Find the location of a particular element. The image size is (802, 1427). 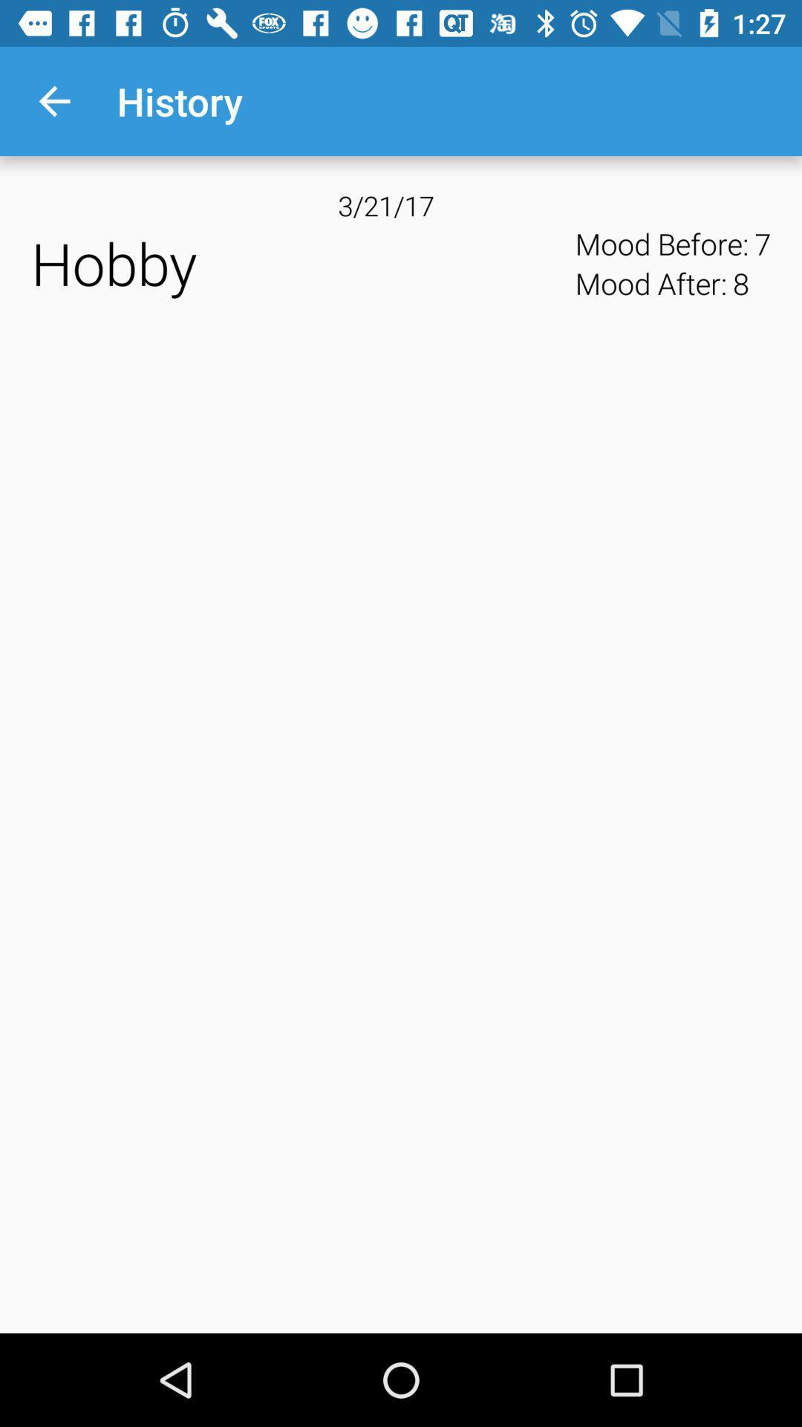

item next to the 8 is located at coordinates (763, 244).